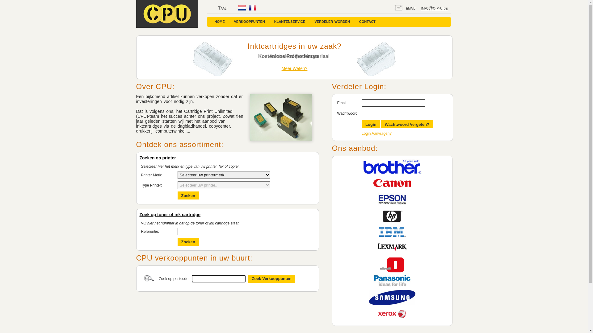 Image resolution: width=593 pixels, height=333 pixels. What do you see at coordinates (371, 124) in the screenshot?
I see `'Login'` at bounding box center [371, 124].